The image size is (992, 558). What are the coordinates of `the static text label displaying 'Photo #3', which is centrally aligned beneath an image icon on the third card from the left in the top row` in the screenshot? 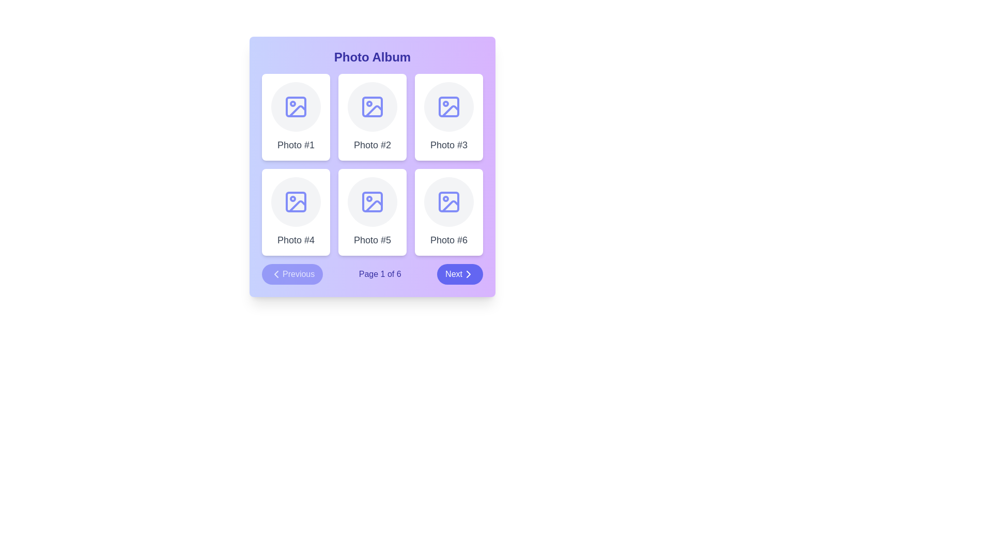 It's located at (448, 145).